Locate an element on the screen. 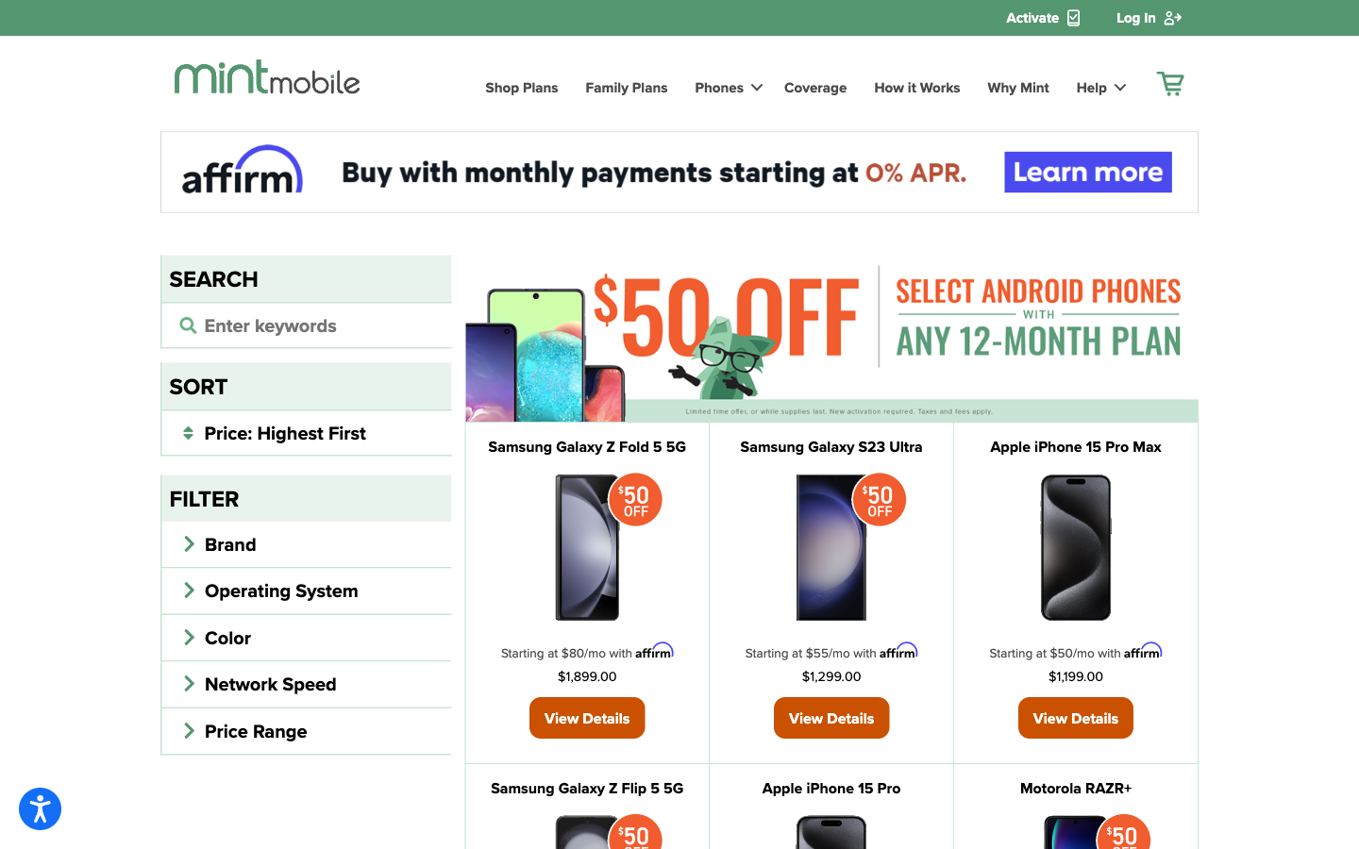 Image resolution: width=1359 pixels, height=849 pixels. the features of Apple iPhone 15 Pro Max phone is located at coordinates (1075, 715).